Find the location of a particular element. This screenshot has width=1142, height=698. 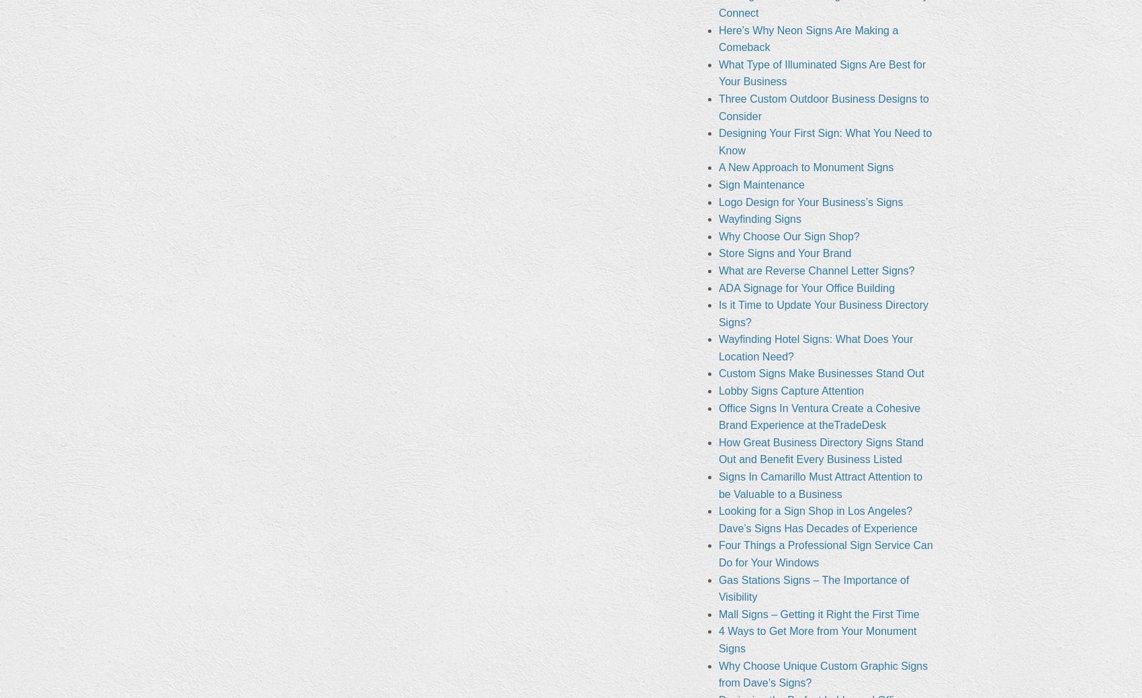

'Sign Maintenance' is located at coordinates (761, 183).